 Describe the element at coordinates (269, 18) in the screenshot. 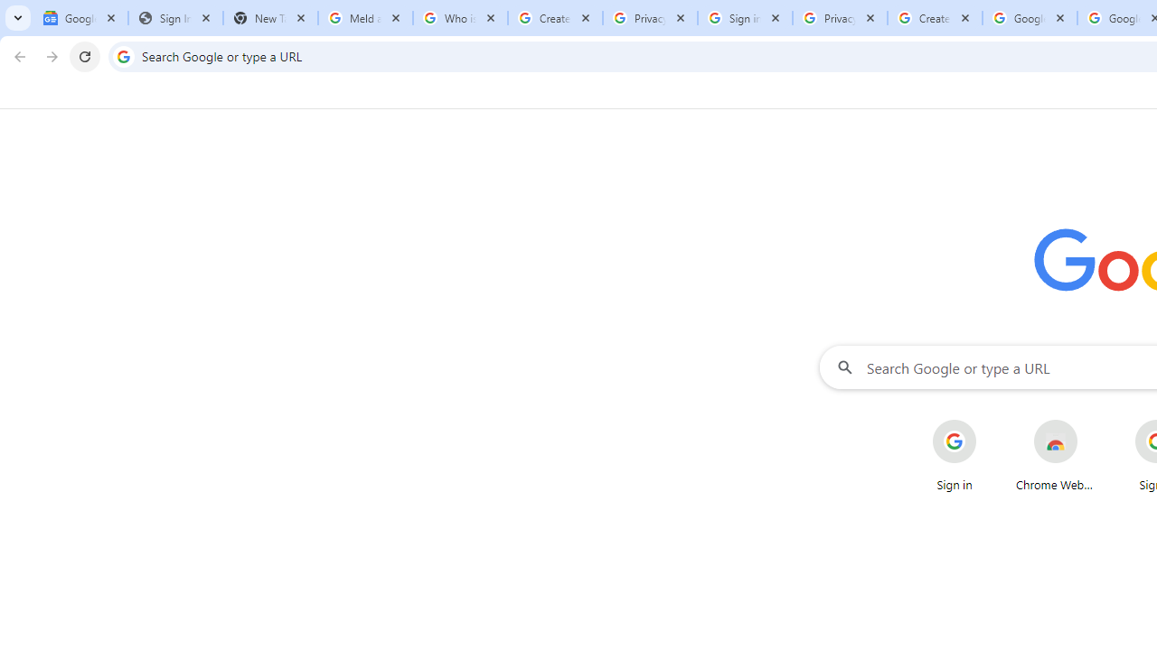

I see `'New Tab'` at that location.